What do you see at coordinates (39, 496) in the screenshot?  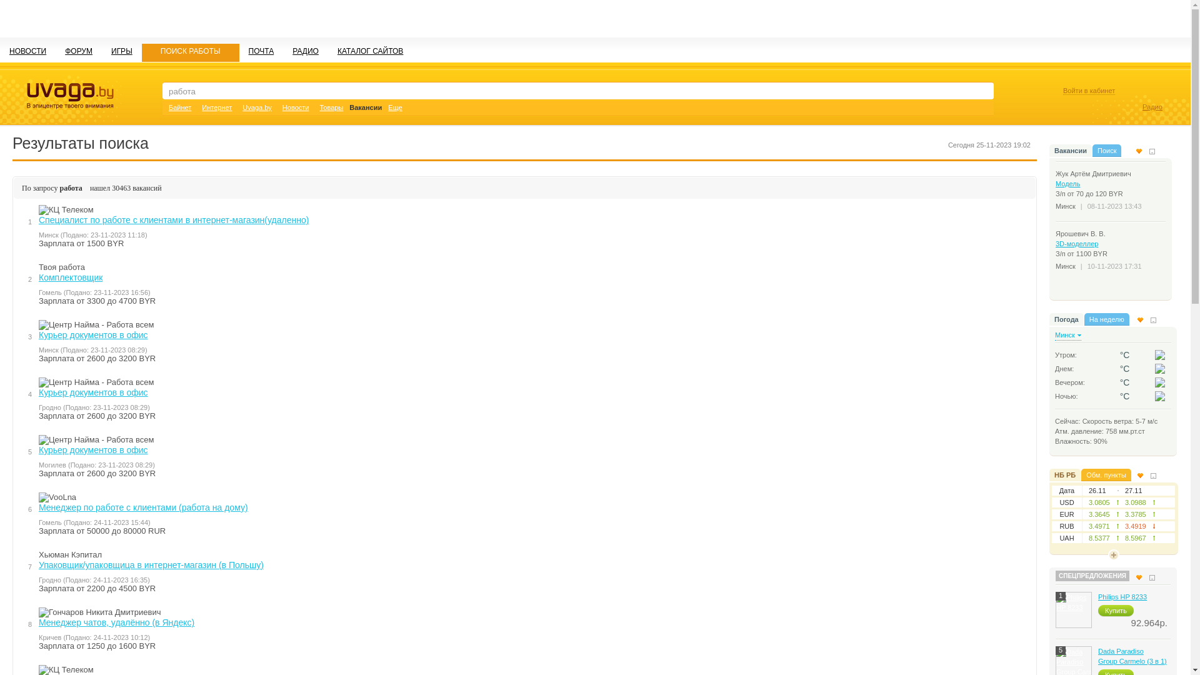 I see `'VooLna'` at bounding box center [39, 496].